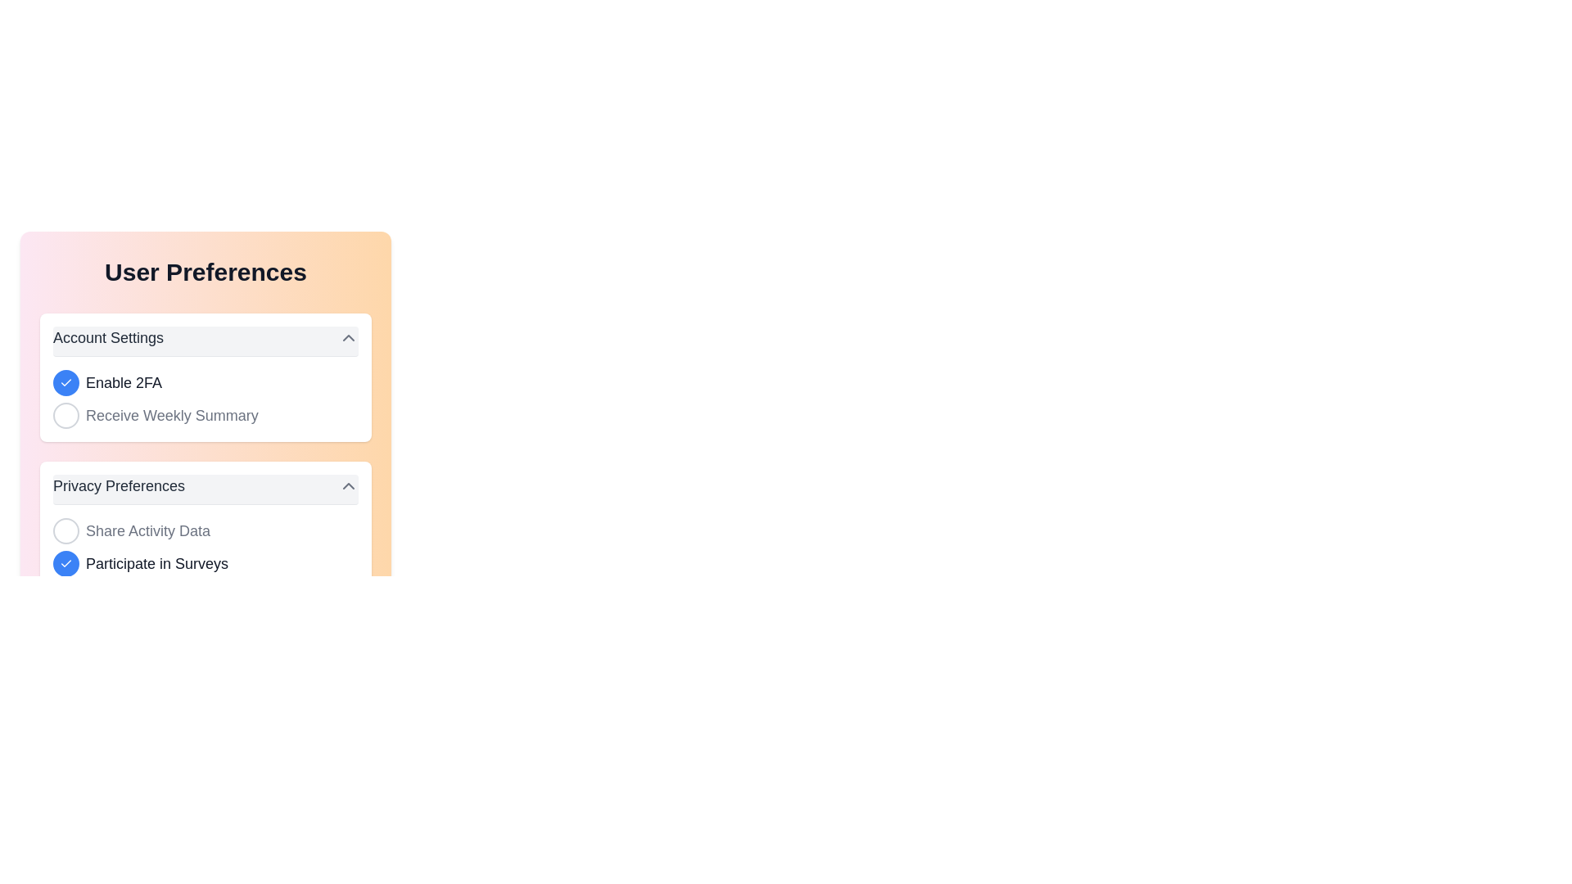 This screenshot has width=1572, height=884. Describe the element at coordinates (148, 530) in the screenshot. I see `the text label describing the option for sharing activity data, located in the 'Privacy Preferences' section, to the right of the circular radio button` at that location.